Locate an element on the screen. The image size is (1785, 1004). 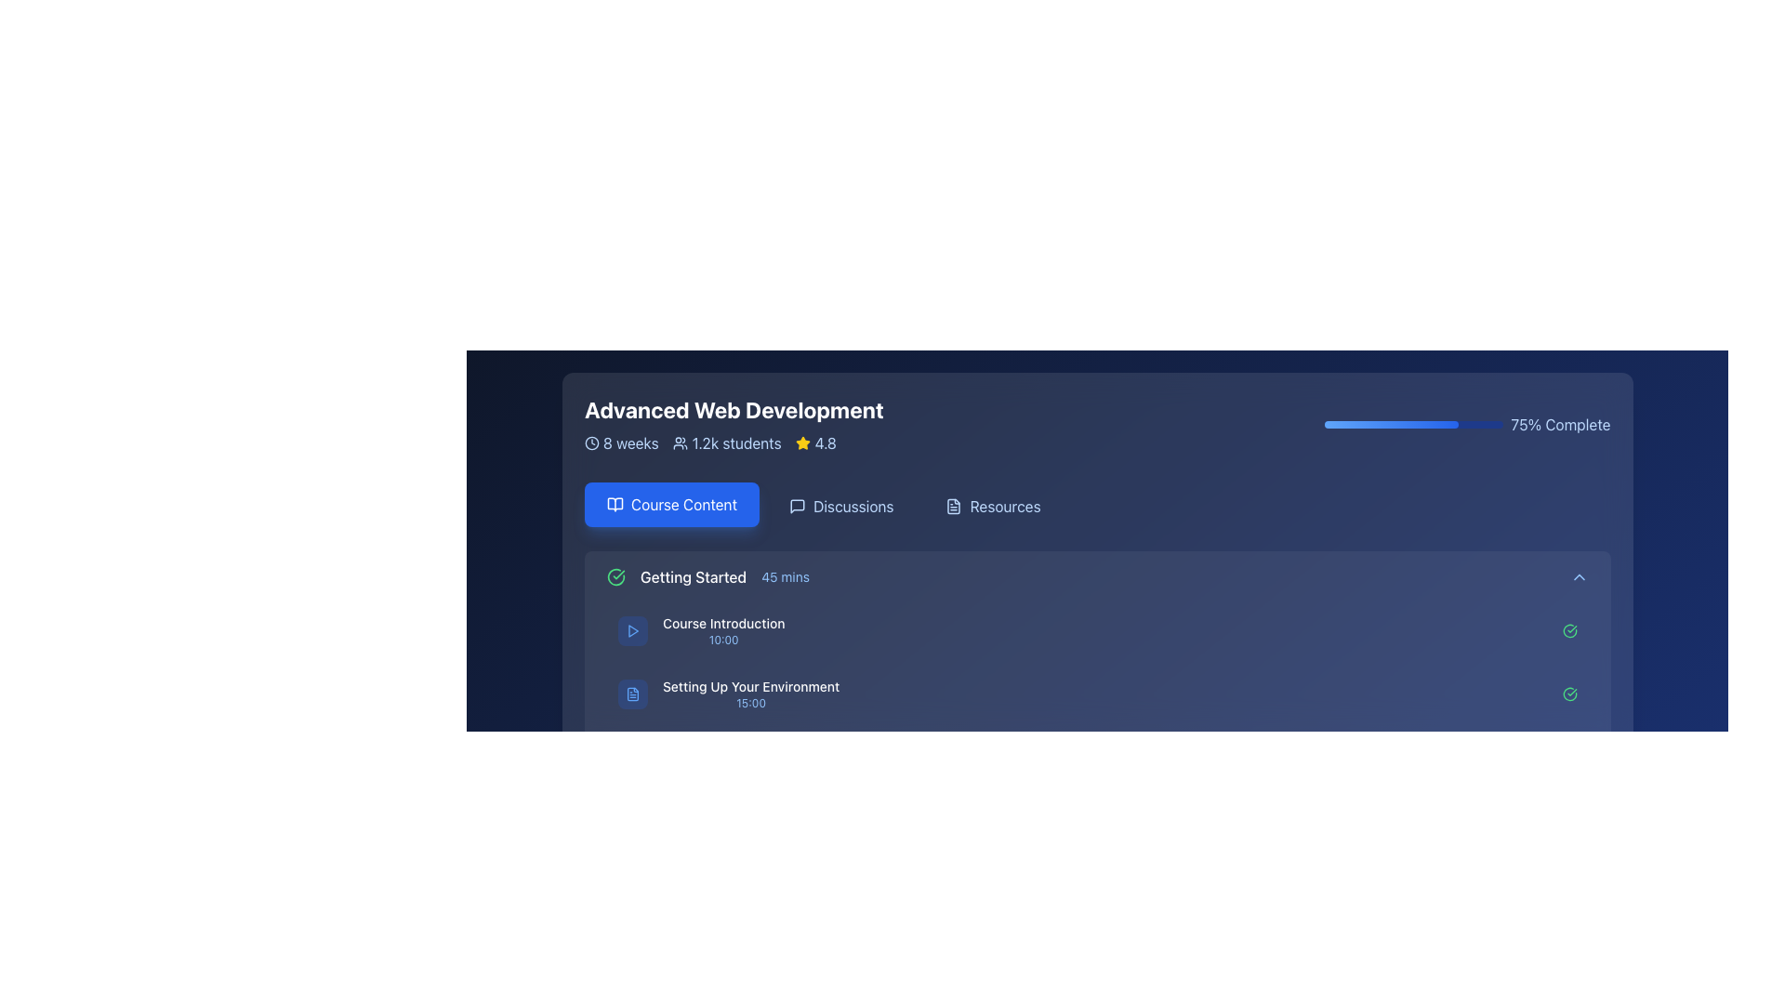
the 'Course Introduction' module entry, which includes a play icon and the time '10:00', located is located at coordinates (700, 629).